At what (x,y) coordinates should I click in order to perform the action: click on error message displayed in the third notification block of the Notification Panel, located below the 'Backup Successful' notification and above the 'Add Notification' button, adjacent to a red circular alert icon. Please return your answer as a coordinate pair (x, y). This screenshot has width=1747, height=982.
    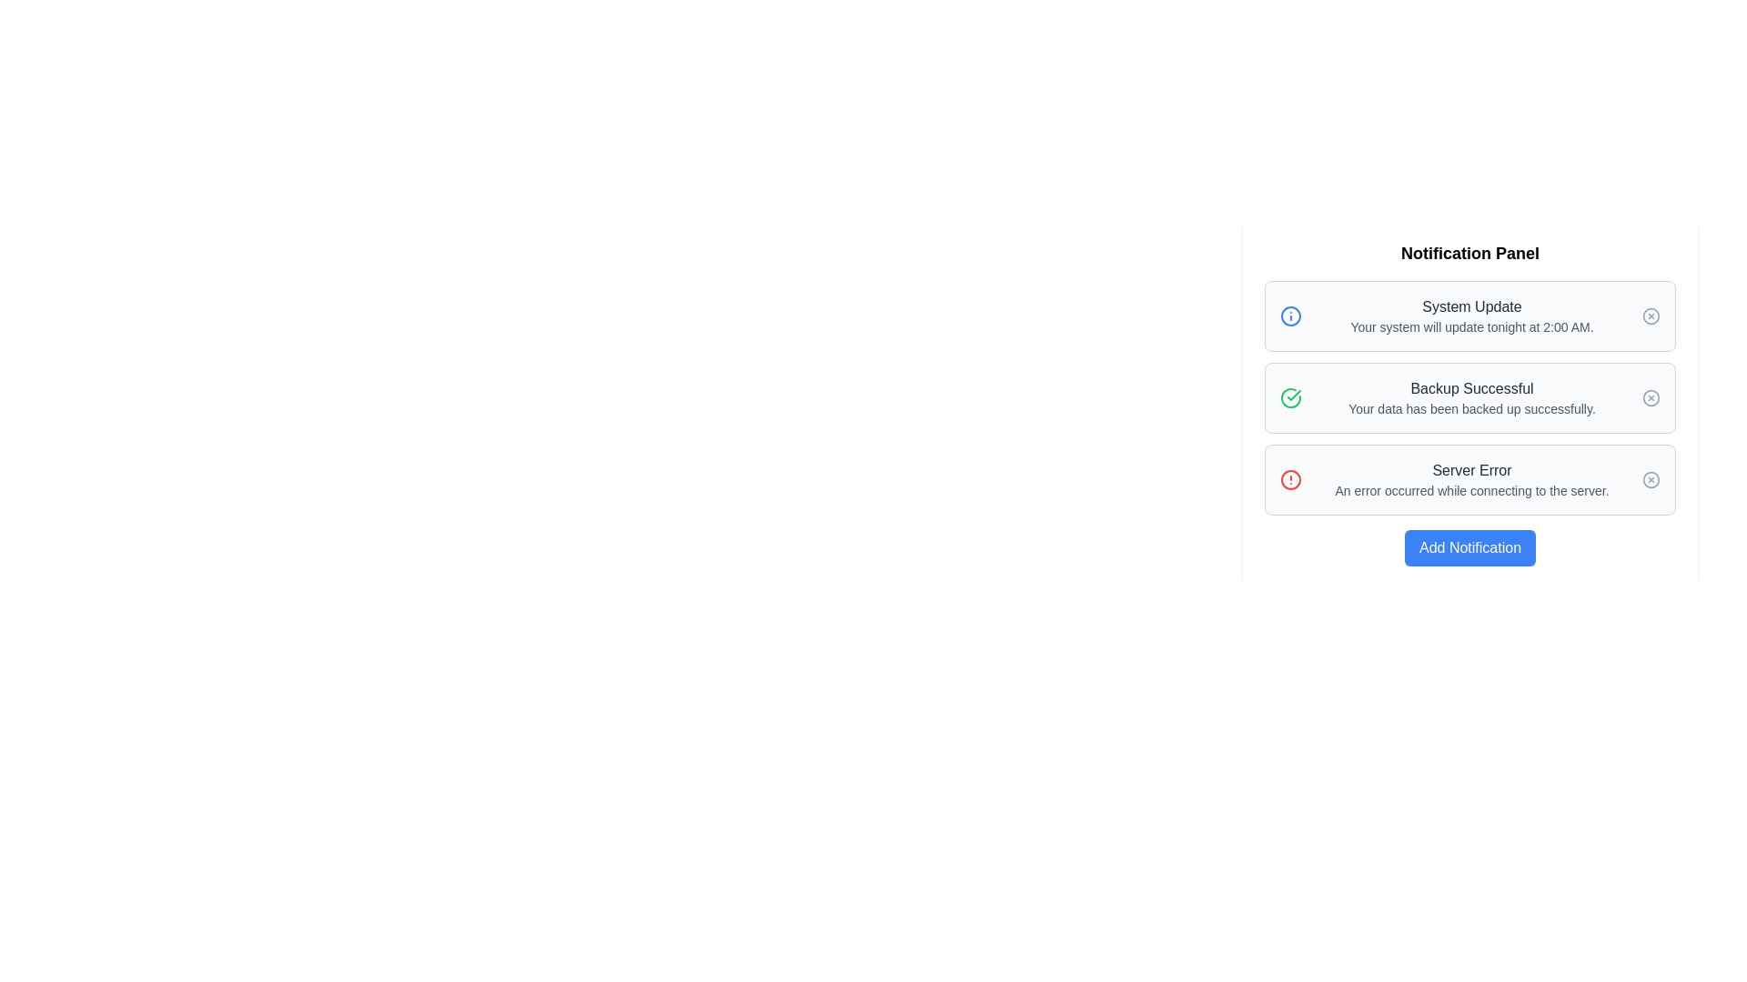
    Looking at the image, I should click on (1471, 479).